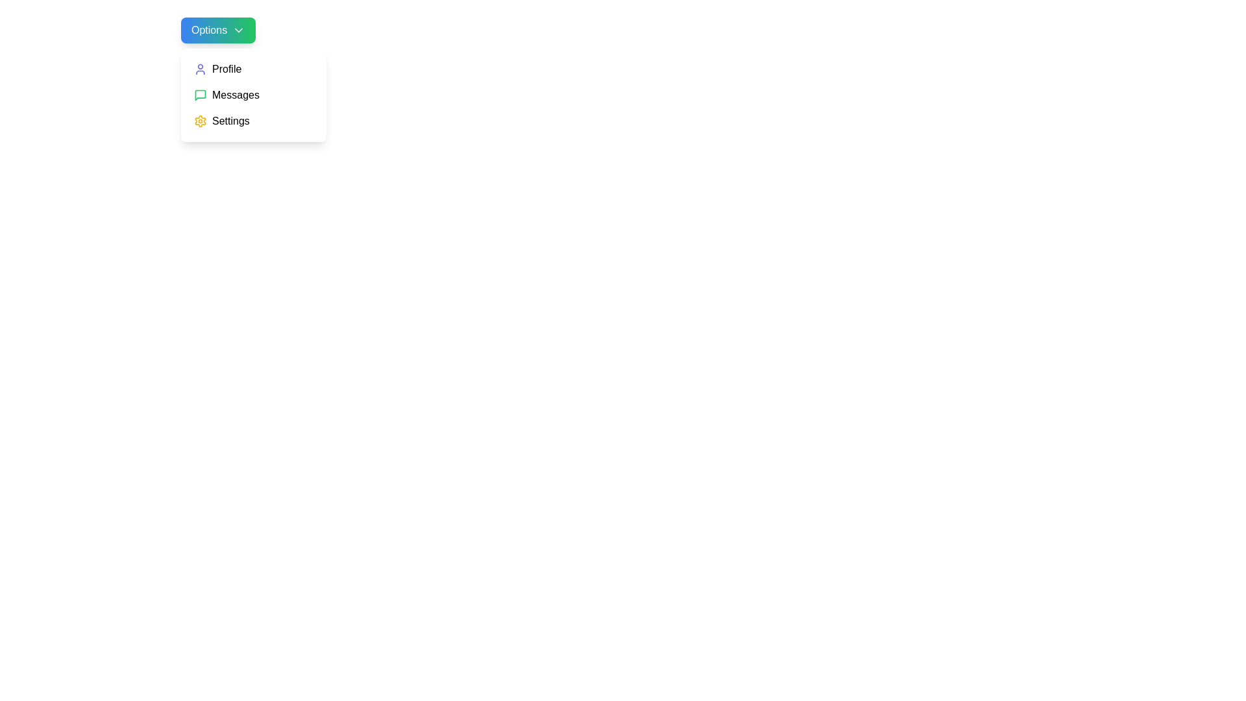 The image size is (1246, 701). Describe the element at coordinates (218, 29) in the screenshot. I see `the dropdown toggle button to toggle the menu` at that location.